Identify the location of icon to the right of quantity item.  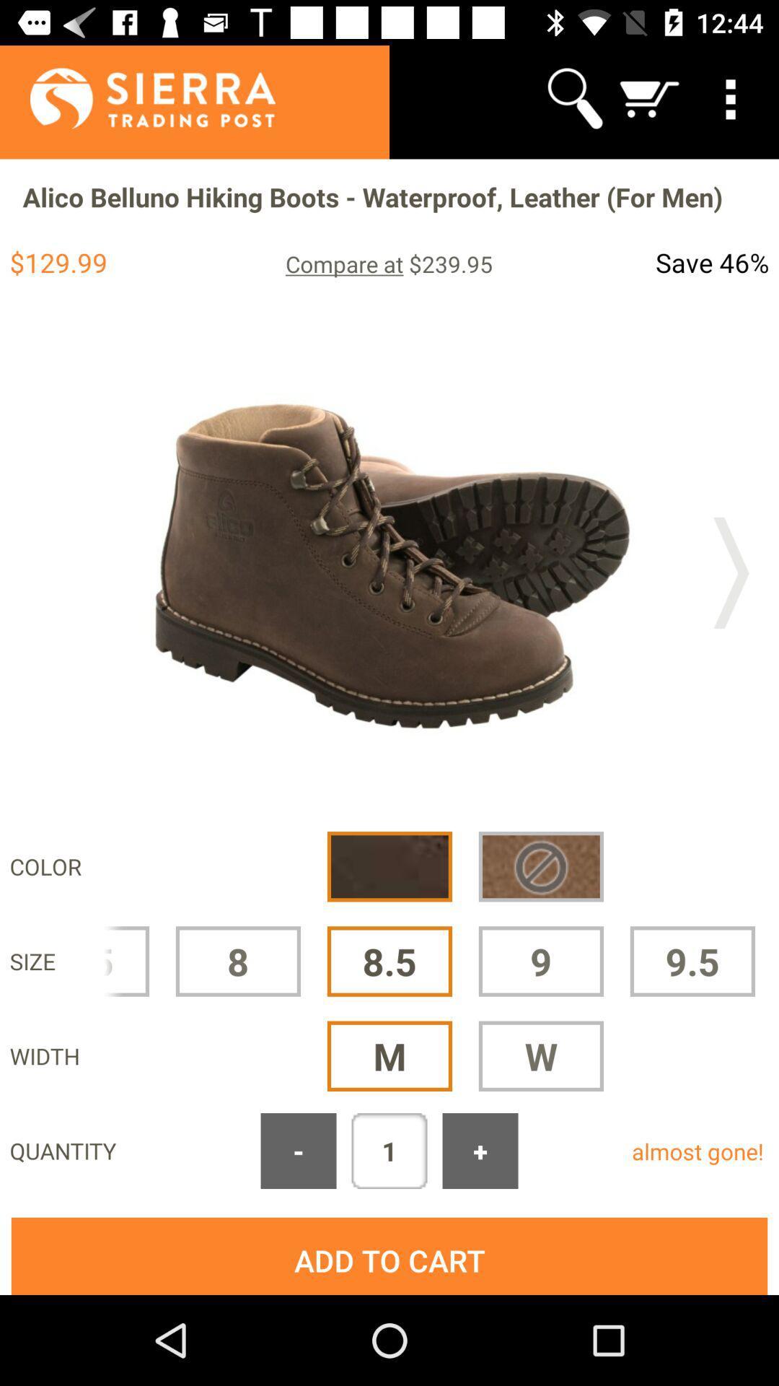
(297, 1150).